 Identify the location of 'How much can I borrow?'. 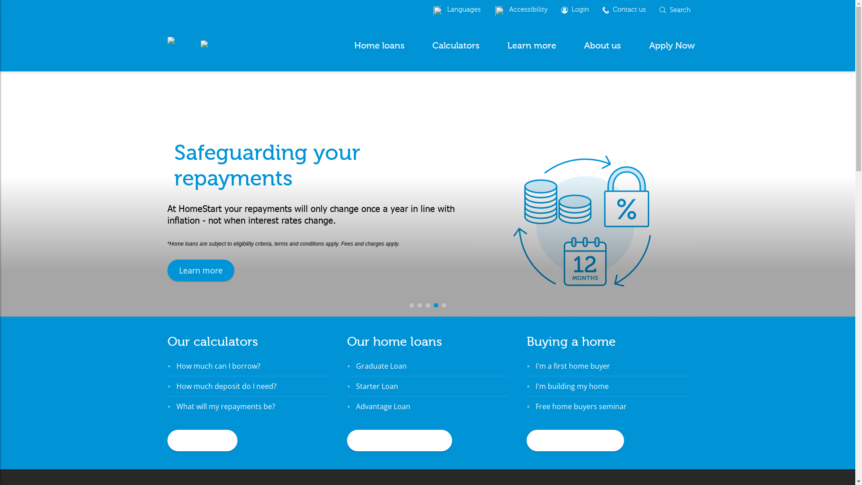
(176, 366).